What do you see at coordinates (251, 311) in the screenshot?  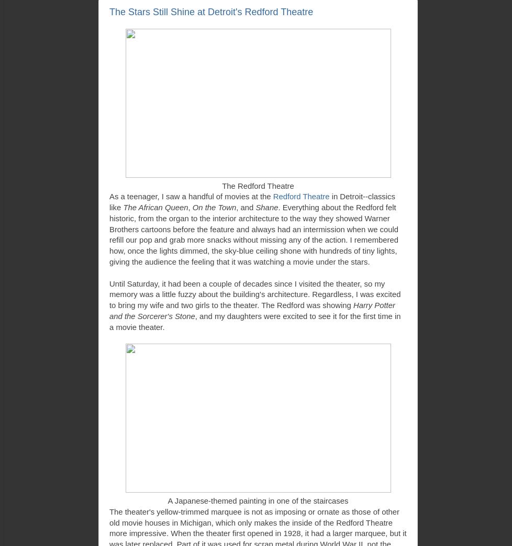 I see `'Harry Potter and the Sorcerer's Stone'` at bounding box center [251, 311].